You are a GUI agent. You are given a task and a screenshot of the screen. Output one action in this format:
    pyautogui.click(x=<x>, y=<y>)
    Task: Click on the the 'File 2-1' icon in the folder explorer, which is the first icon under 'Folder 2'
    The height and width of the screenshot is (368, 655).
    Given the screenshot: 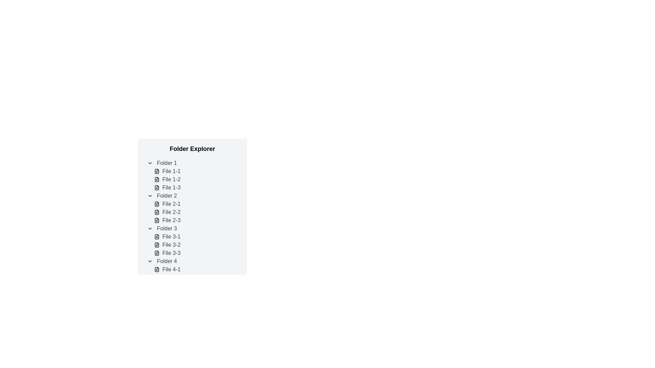 What is the action you would take?
    pyautogui.click(x=157, y=203)
    